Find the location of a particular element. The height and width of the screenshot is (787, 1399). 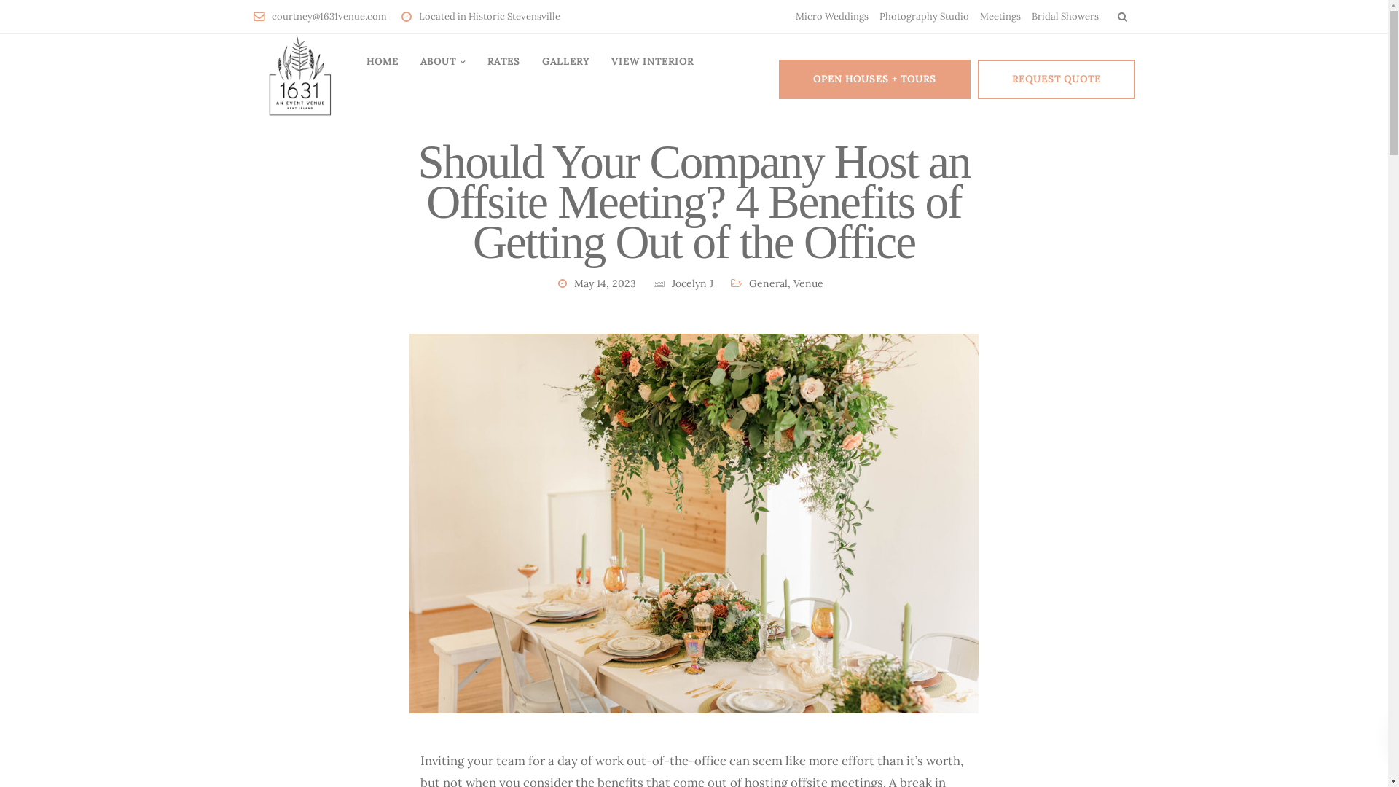

'Meetings' is located at coordinates (999, 16).